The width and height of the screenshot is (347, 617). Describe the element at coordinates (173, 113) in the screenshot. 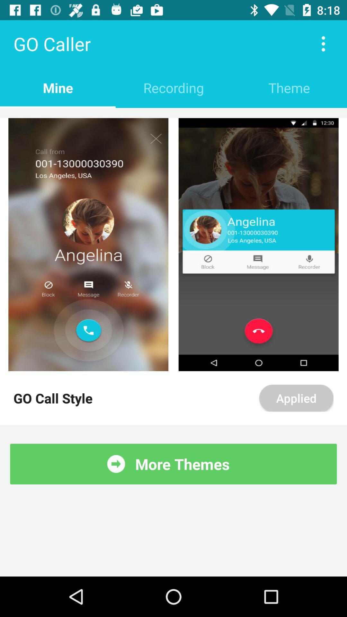

I see `icon below mine icon` at that location.